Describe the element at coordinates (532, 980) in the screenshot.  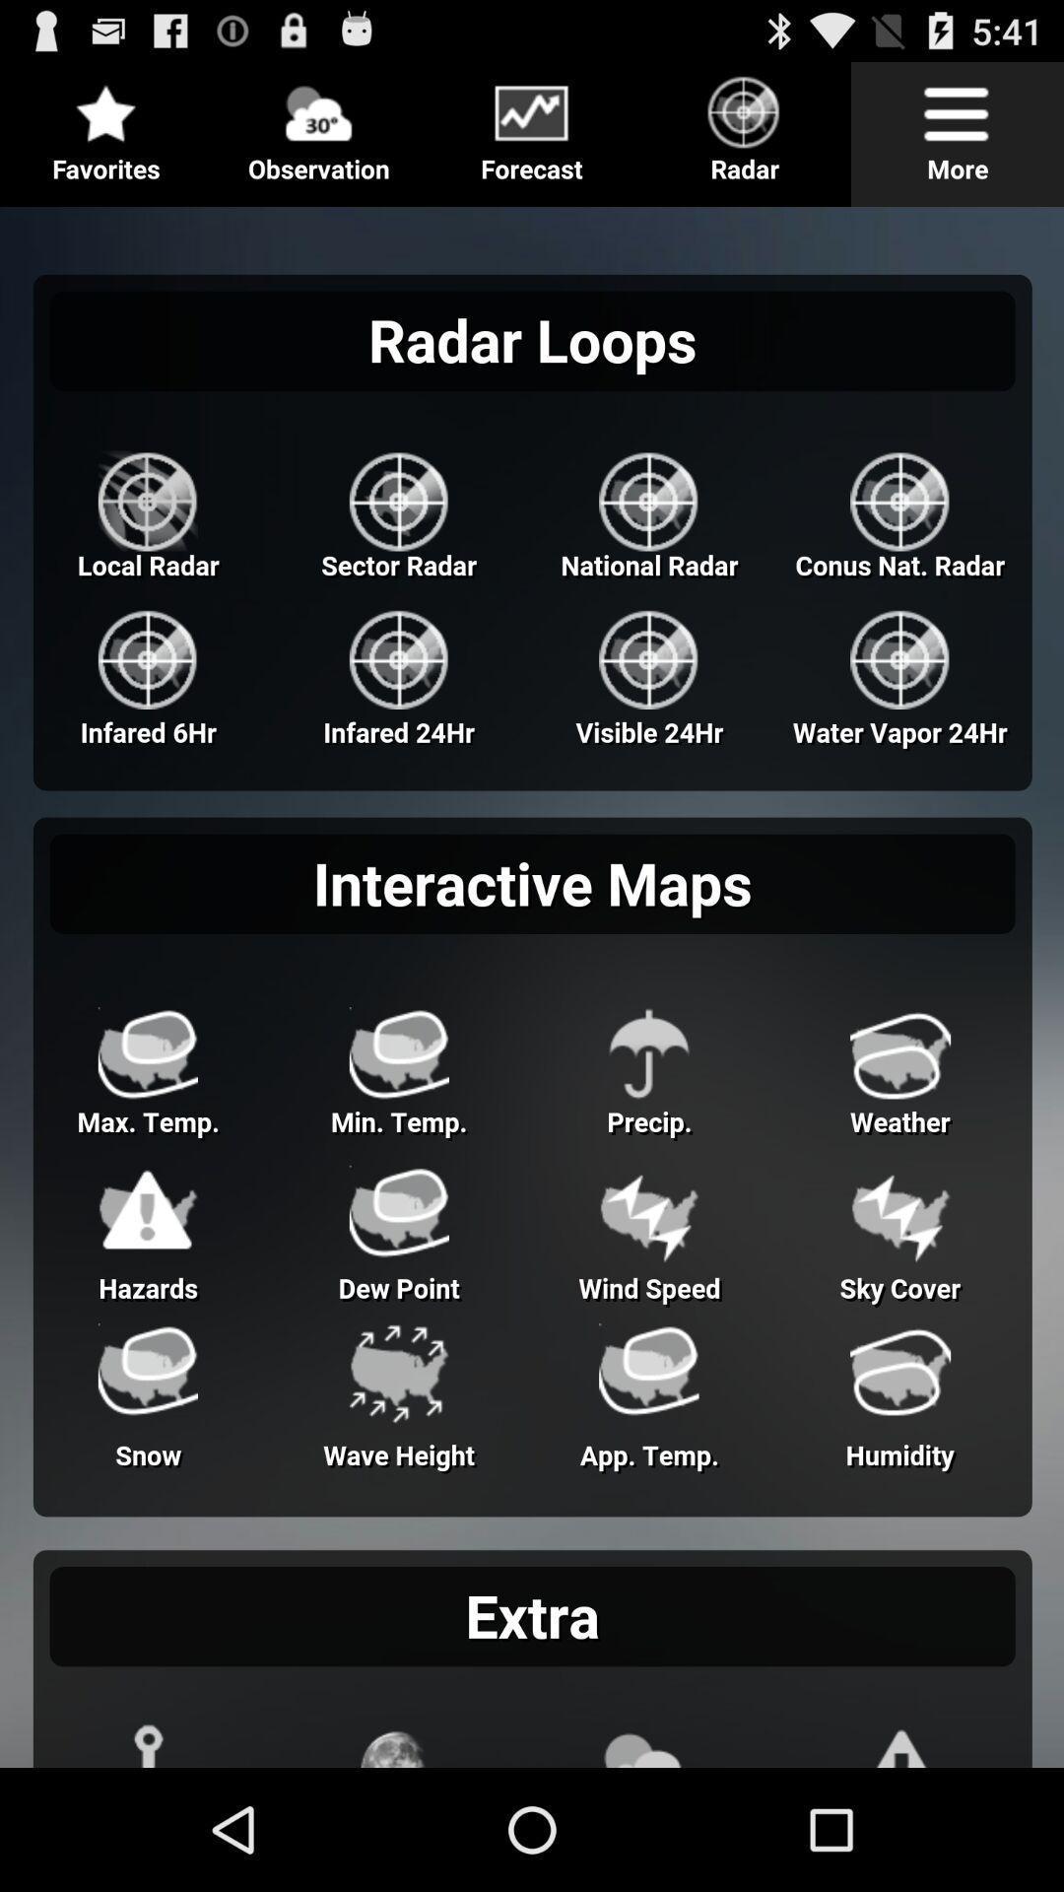
I see `adventisment page` at that location.